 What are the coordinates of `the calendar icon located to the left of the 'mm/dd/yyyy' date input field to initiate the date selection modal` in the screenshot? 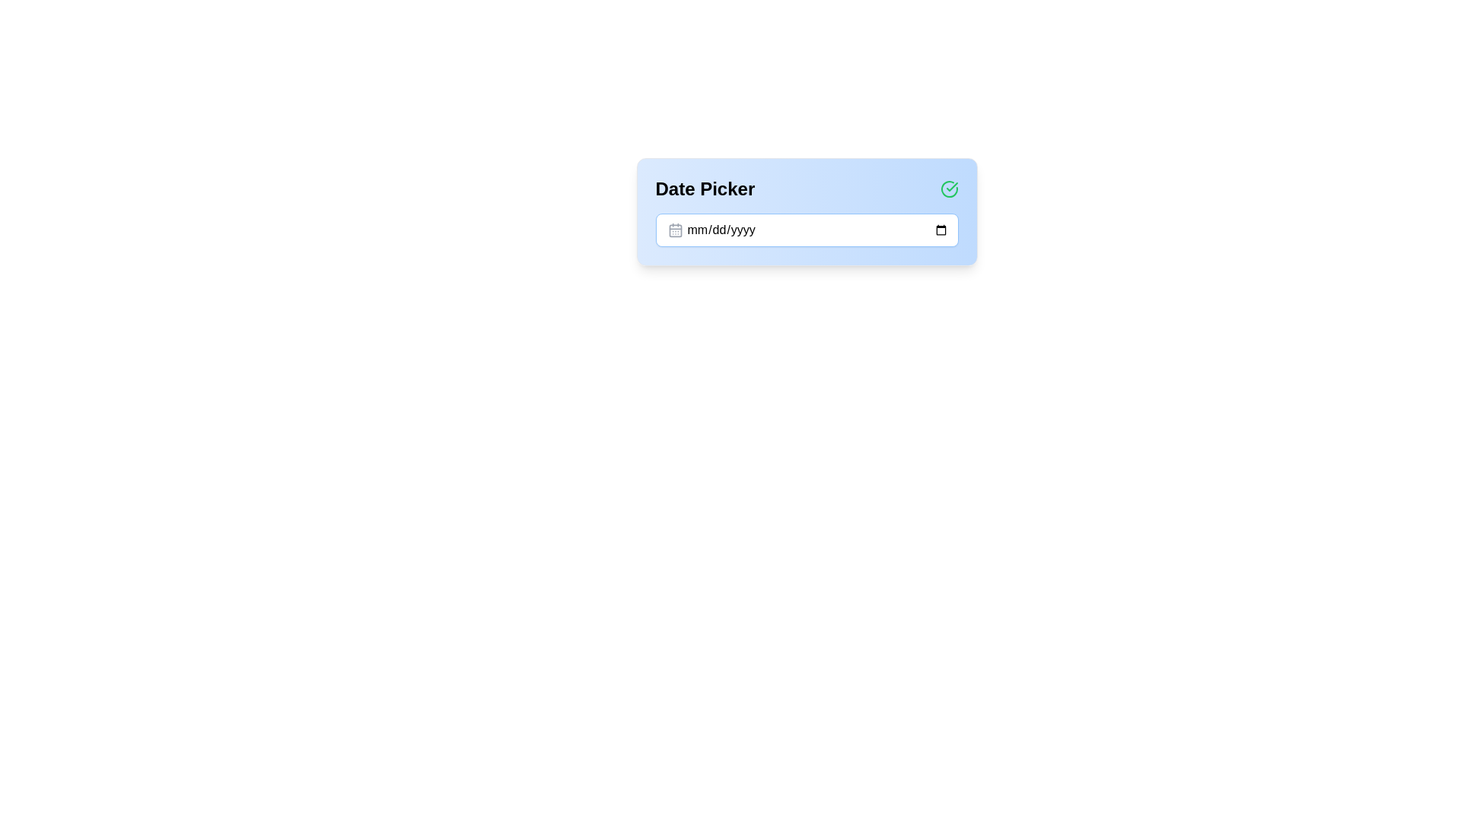 It's located at (674, 230).